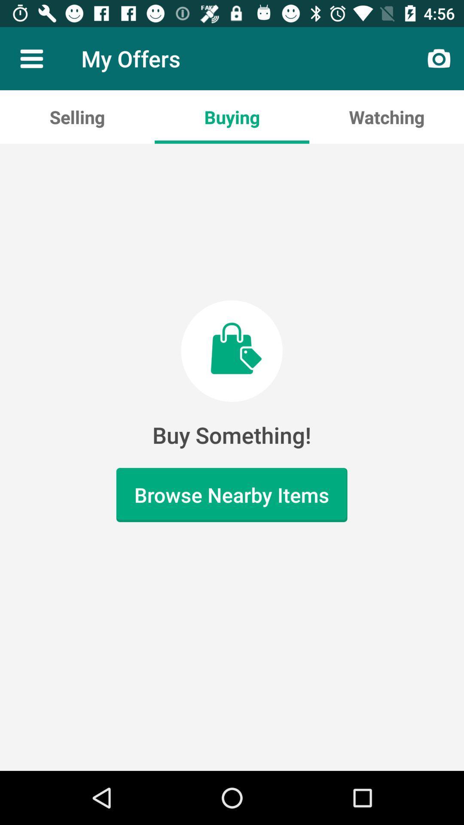  What do you see at coordinates (77, 116) in the screenshot?
I see `the item next to the buying item` at bounding box center [77, 116].